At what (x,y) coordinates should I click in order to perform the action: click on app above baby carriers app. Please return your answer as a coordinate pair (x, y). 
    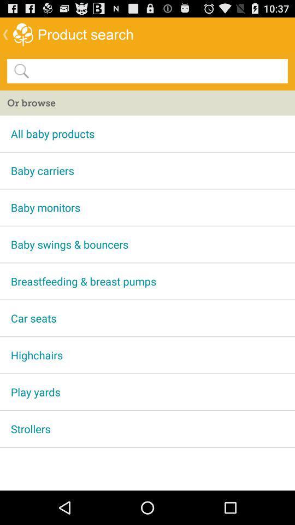
    Looking at the image, I should click on (147, 133).